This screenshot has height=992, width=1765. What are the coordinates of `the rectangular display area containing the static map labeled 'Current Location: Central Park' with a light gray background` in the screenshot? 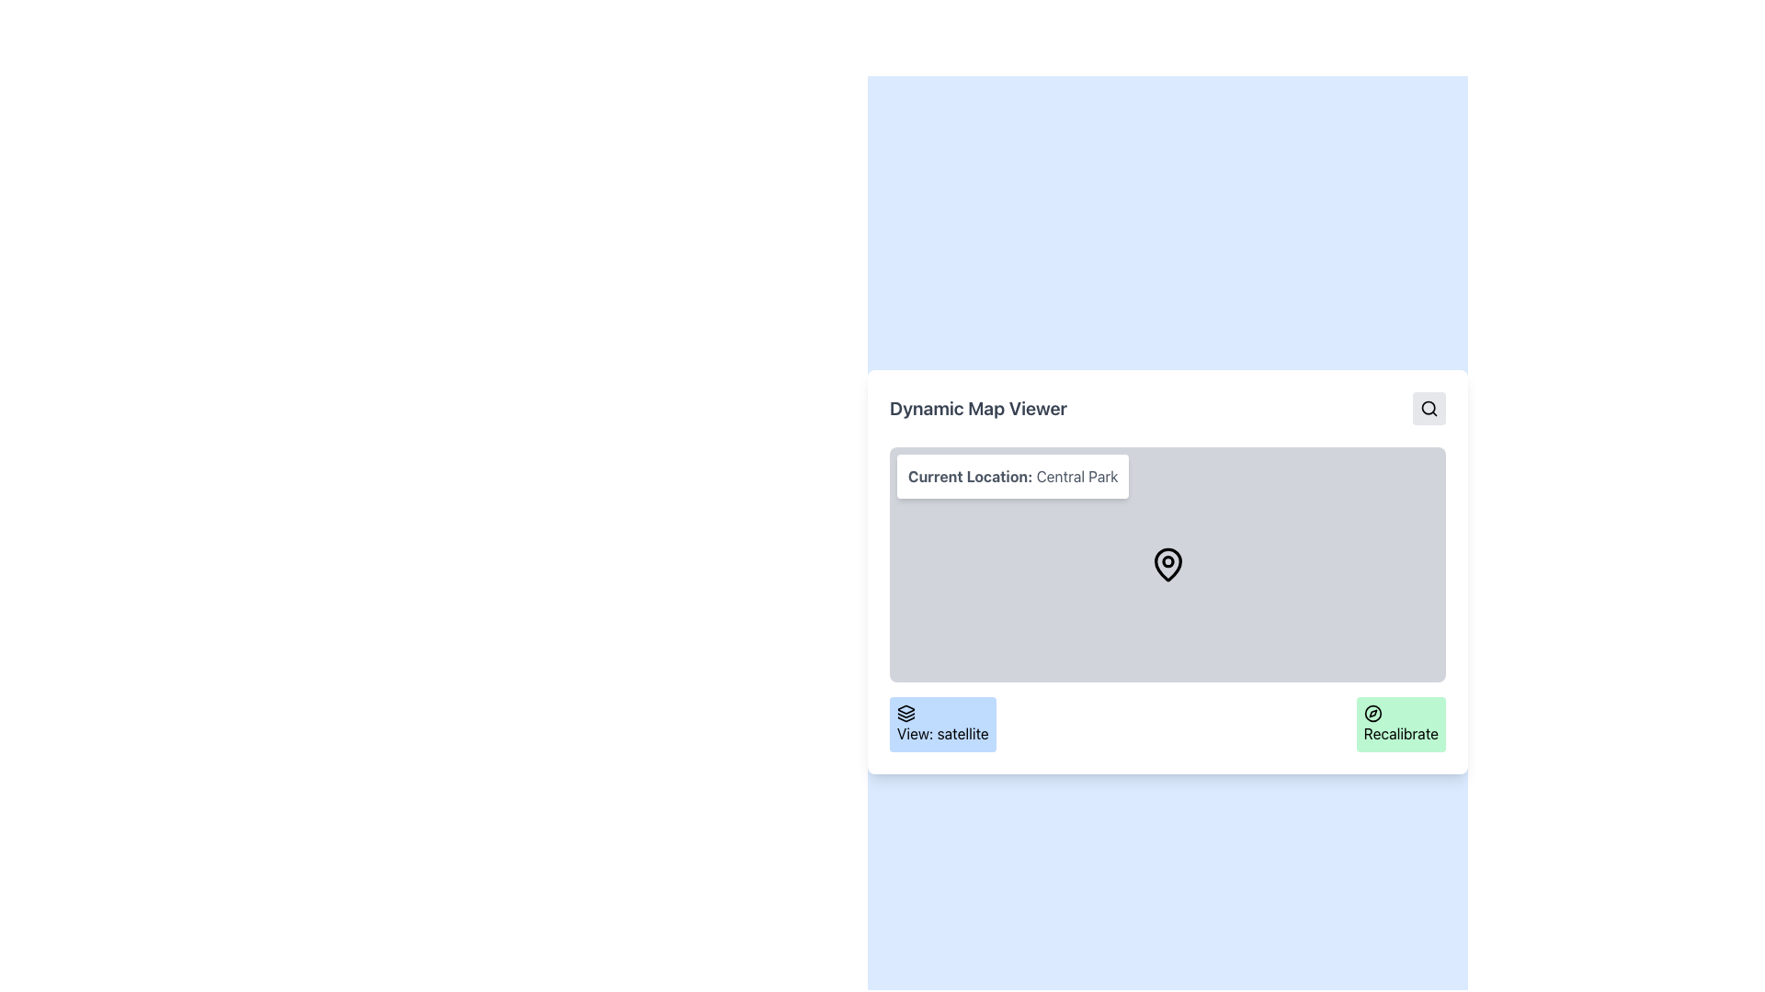 It's located at (1167, 563).